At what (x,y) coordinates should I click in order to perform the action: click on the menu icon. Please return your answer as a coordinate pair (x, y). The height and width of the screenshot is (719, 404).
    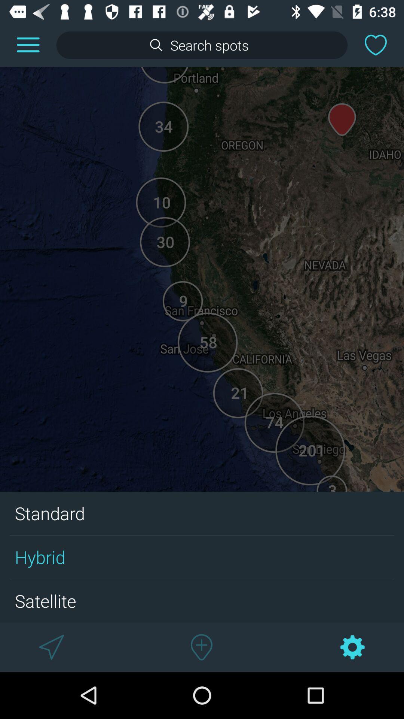
    Looking at the image, I should click on (28, 45).